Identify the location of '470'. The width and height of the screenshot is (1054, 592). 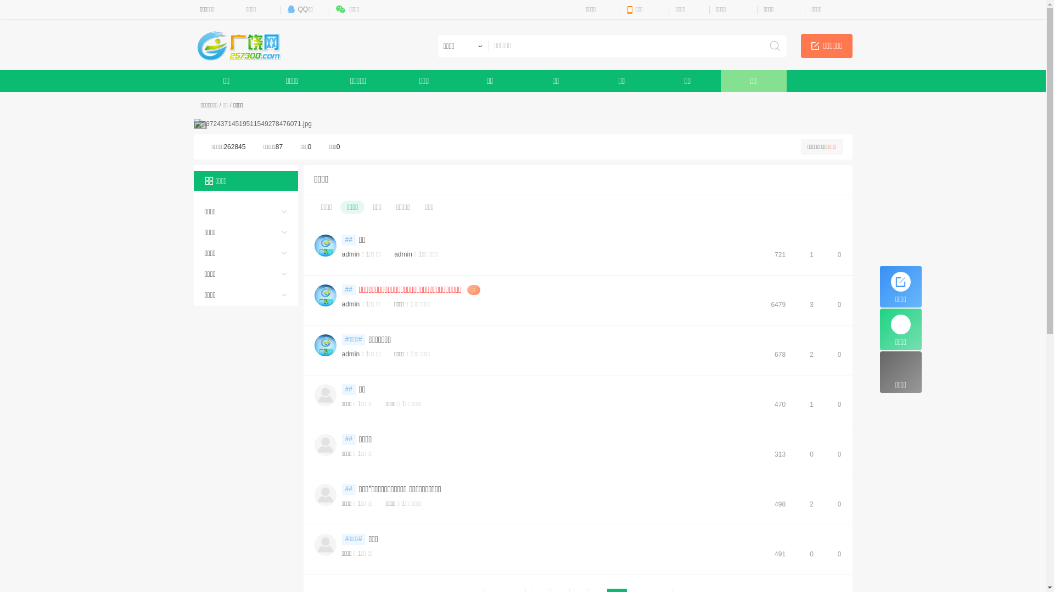
(774, 404).